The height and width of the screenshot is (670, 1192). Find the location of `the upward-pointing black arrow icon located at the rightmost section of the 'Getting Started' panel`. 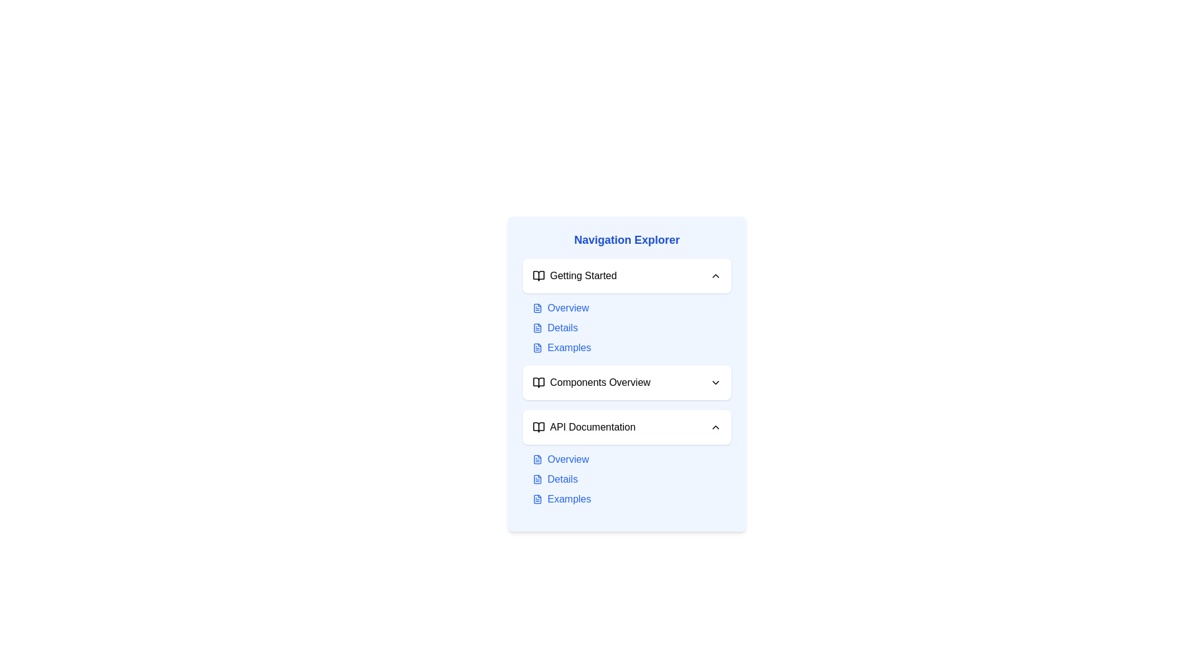

the upward-pointing black arrow icon located at the rightmost section of the 'Getting Started' panel is located at coordinates (715, 275).